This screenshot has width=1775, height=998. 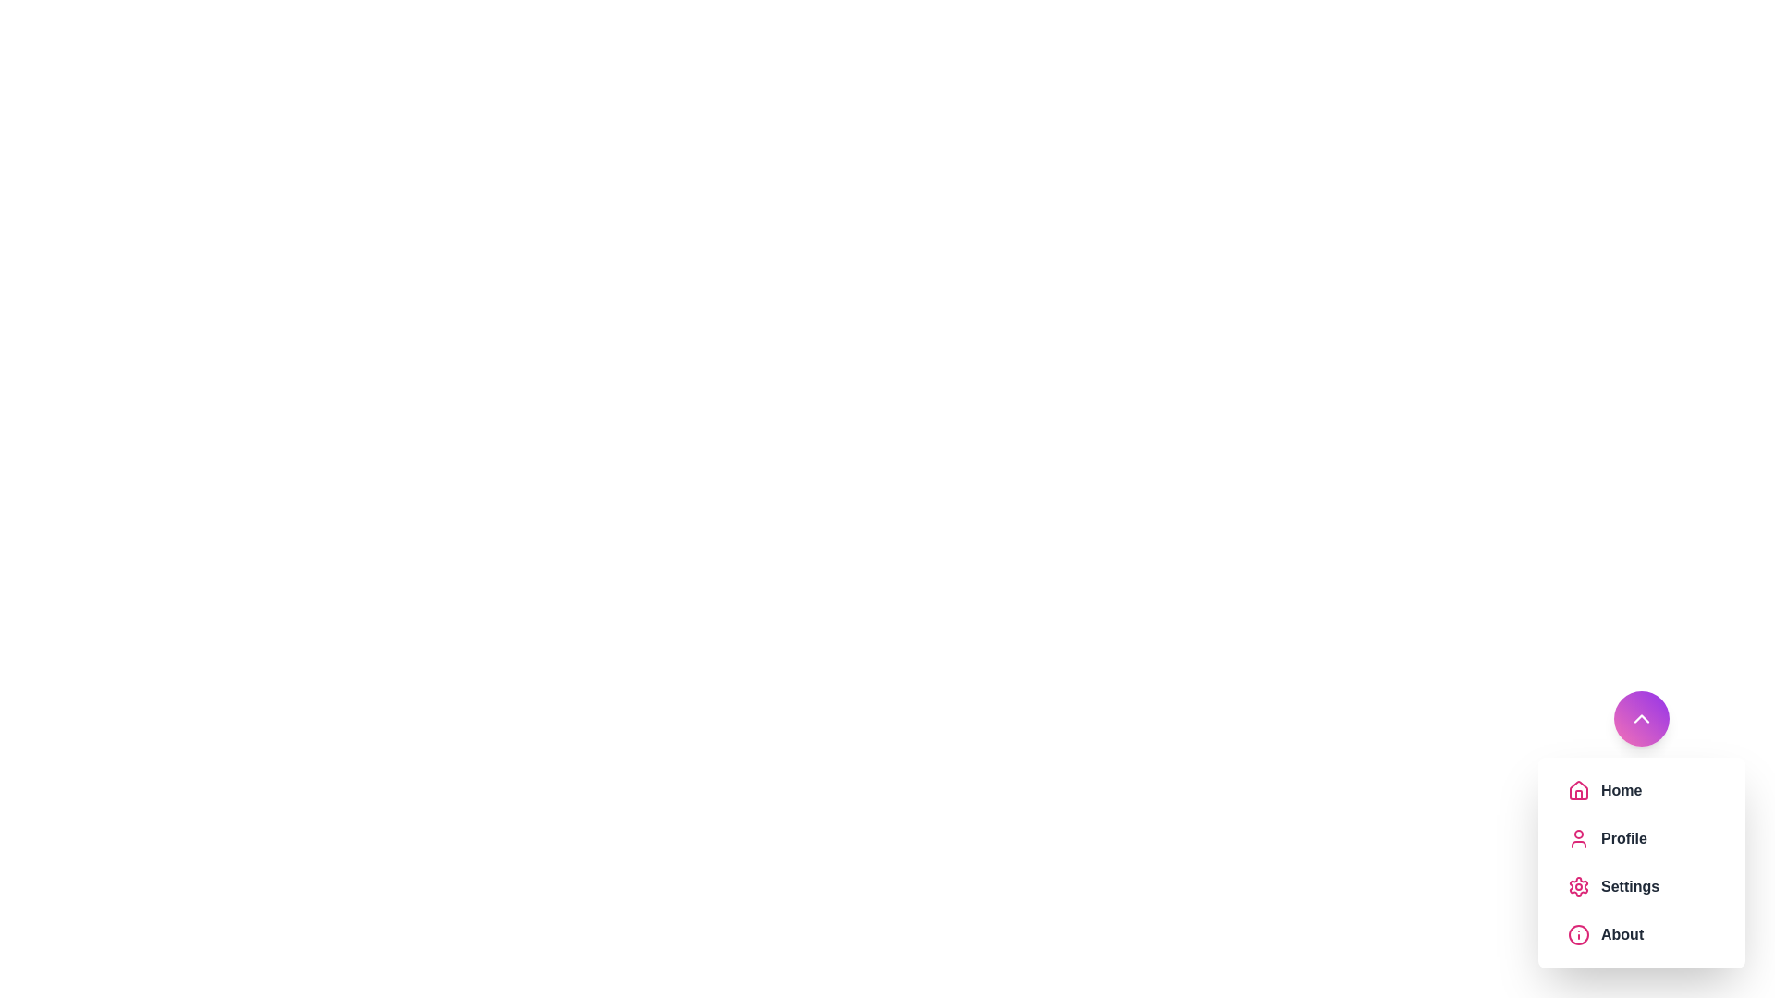 I want to click on the menu item labeled 'Home' to observe the visual feedback, so click(x=1642, y=790).